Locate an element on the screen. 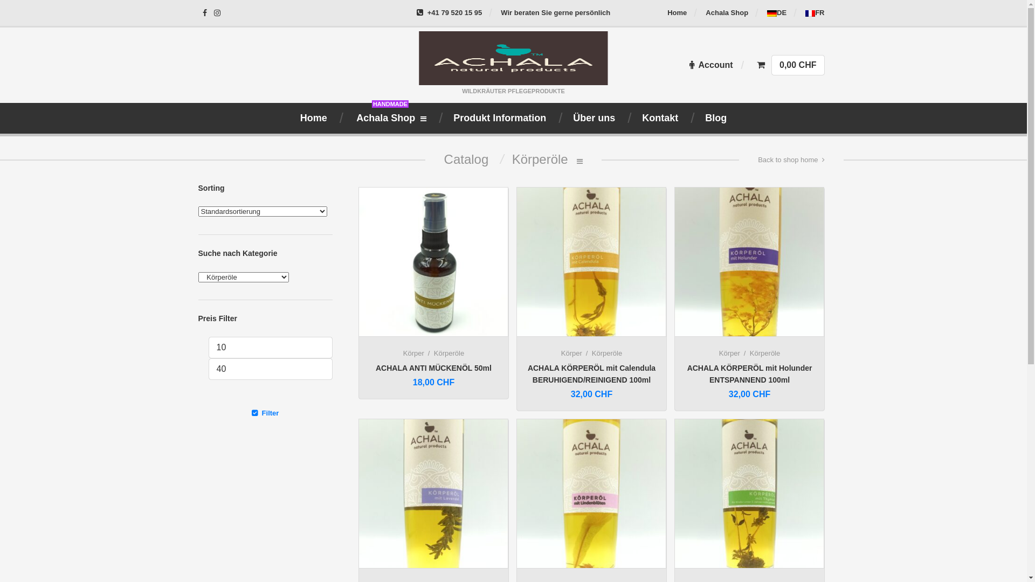 The height and width of the screenshot is (582, 1035). 'FR' is located at coordinates (815, 12).